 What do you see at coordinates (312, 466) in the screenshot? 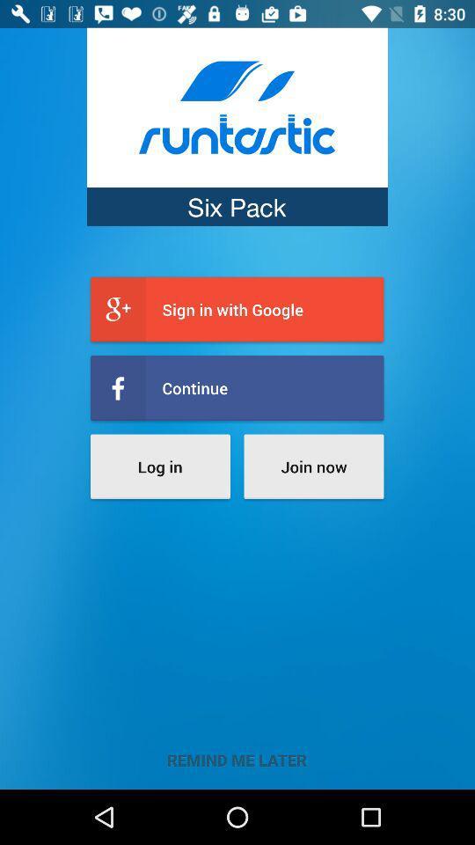
I see `the icon next to the log in icon` at bounding box center [312, 466].